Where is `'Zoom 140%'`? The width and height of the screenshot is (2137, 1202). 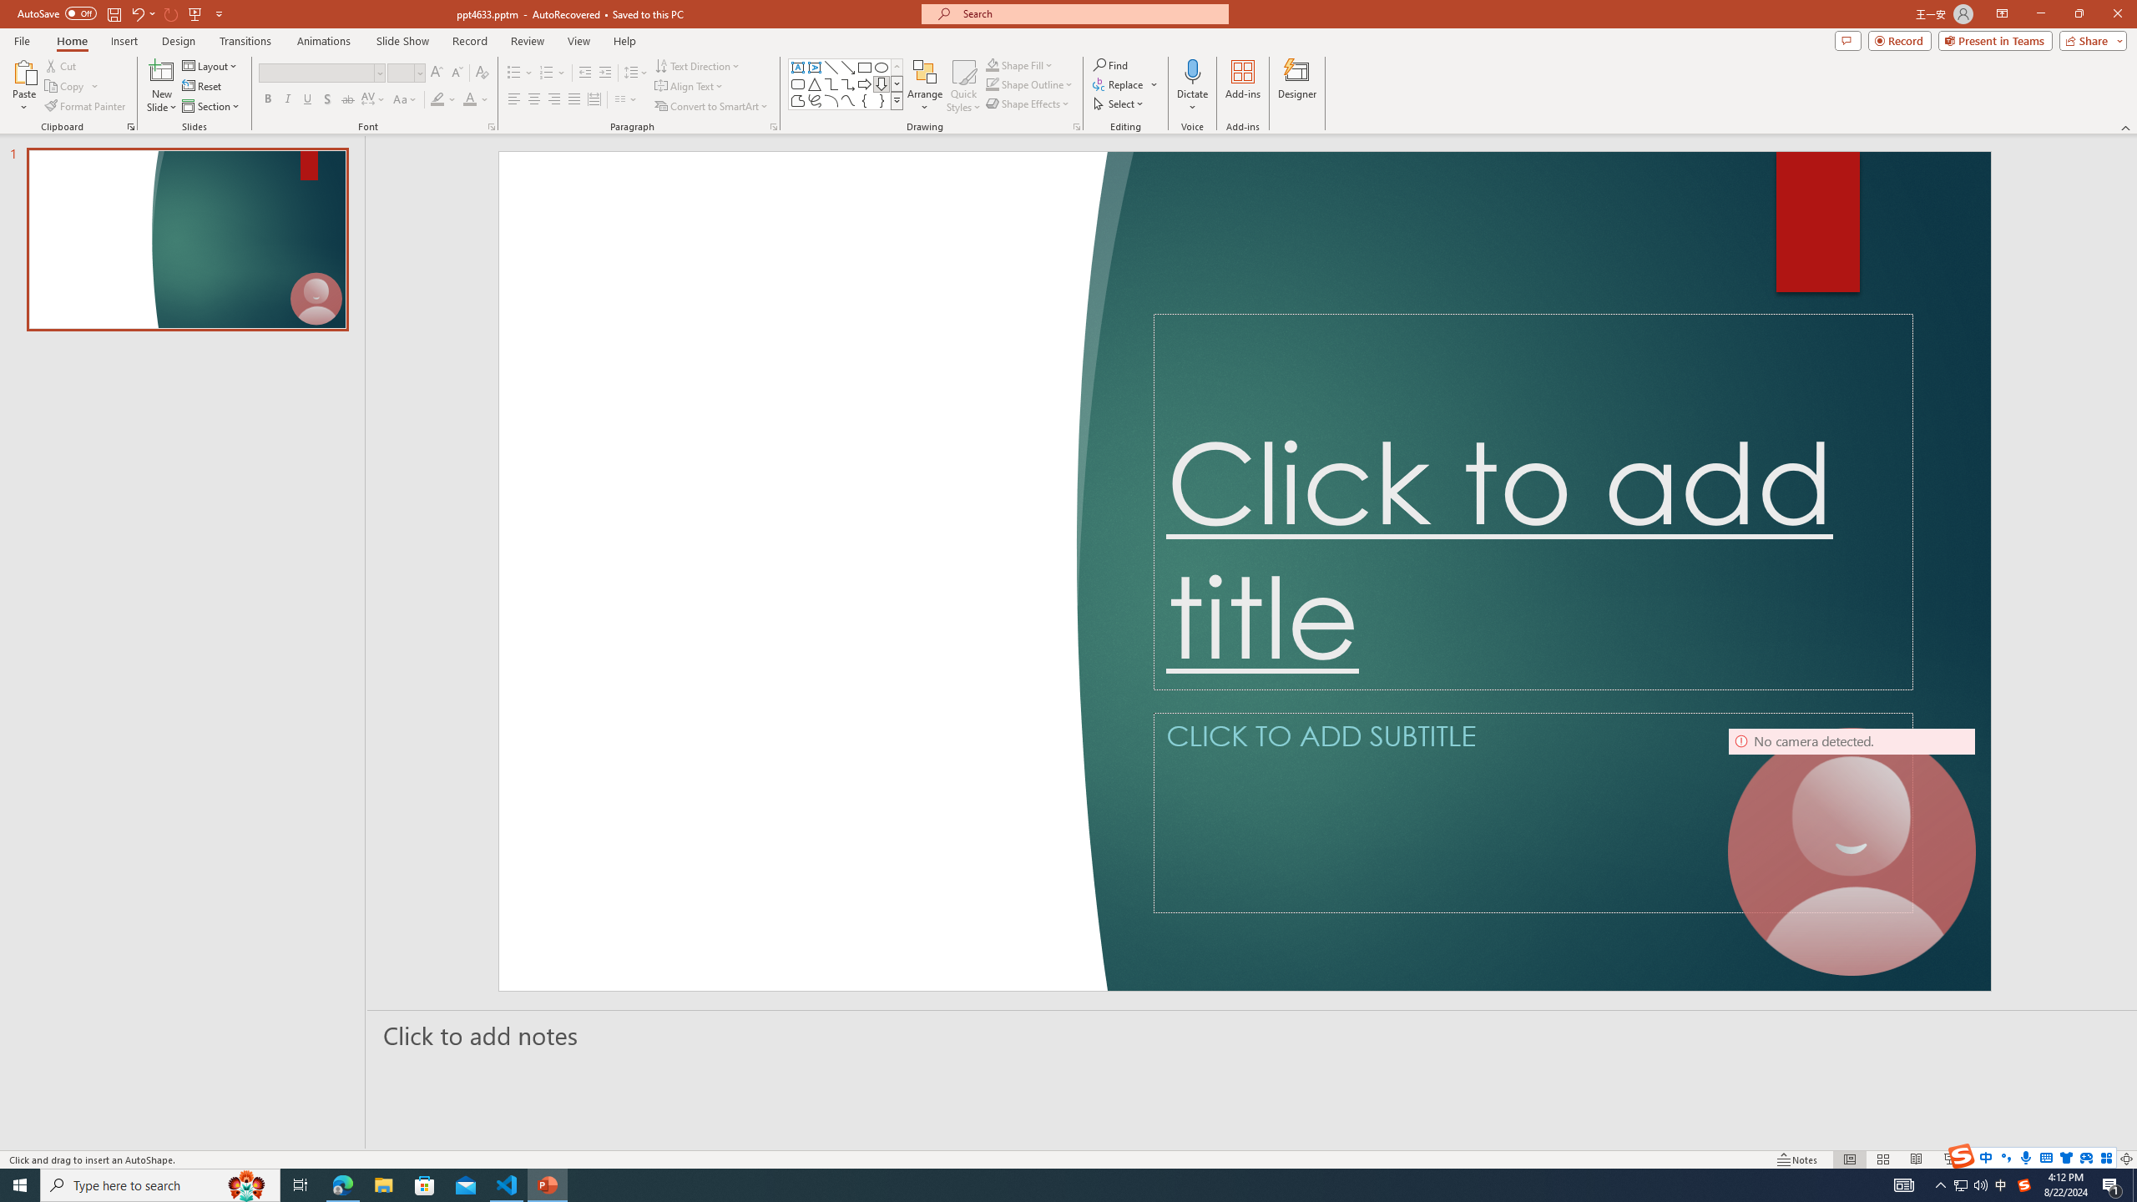
'Zoom 140%' is located at coordinates (2099, 1159).